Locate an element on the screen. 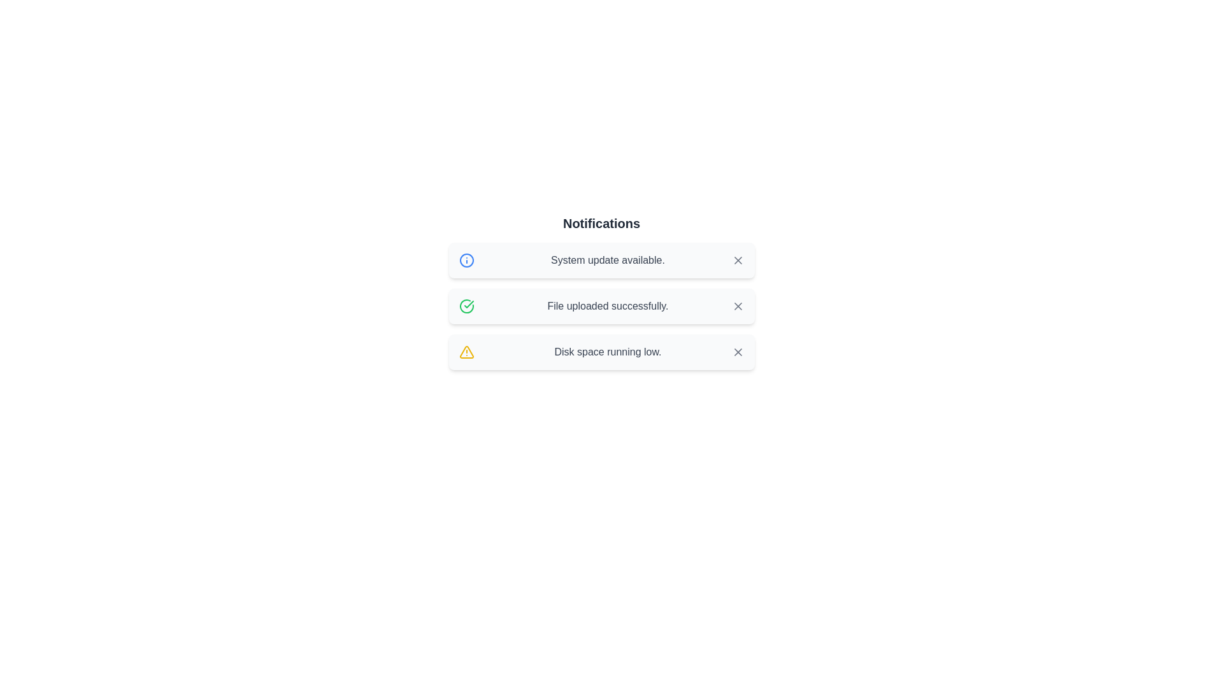 The height and width of the screenshot is (688, 1223). the dismissal icon located at the right edge of the notification labeled 'Disk space running low' is located at coordinates (738, 352).